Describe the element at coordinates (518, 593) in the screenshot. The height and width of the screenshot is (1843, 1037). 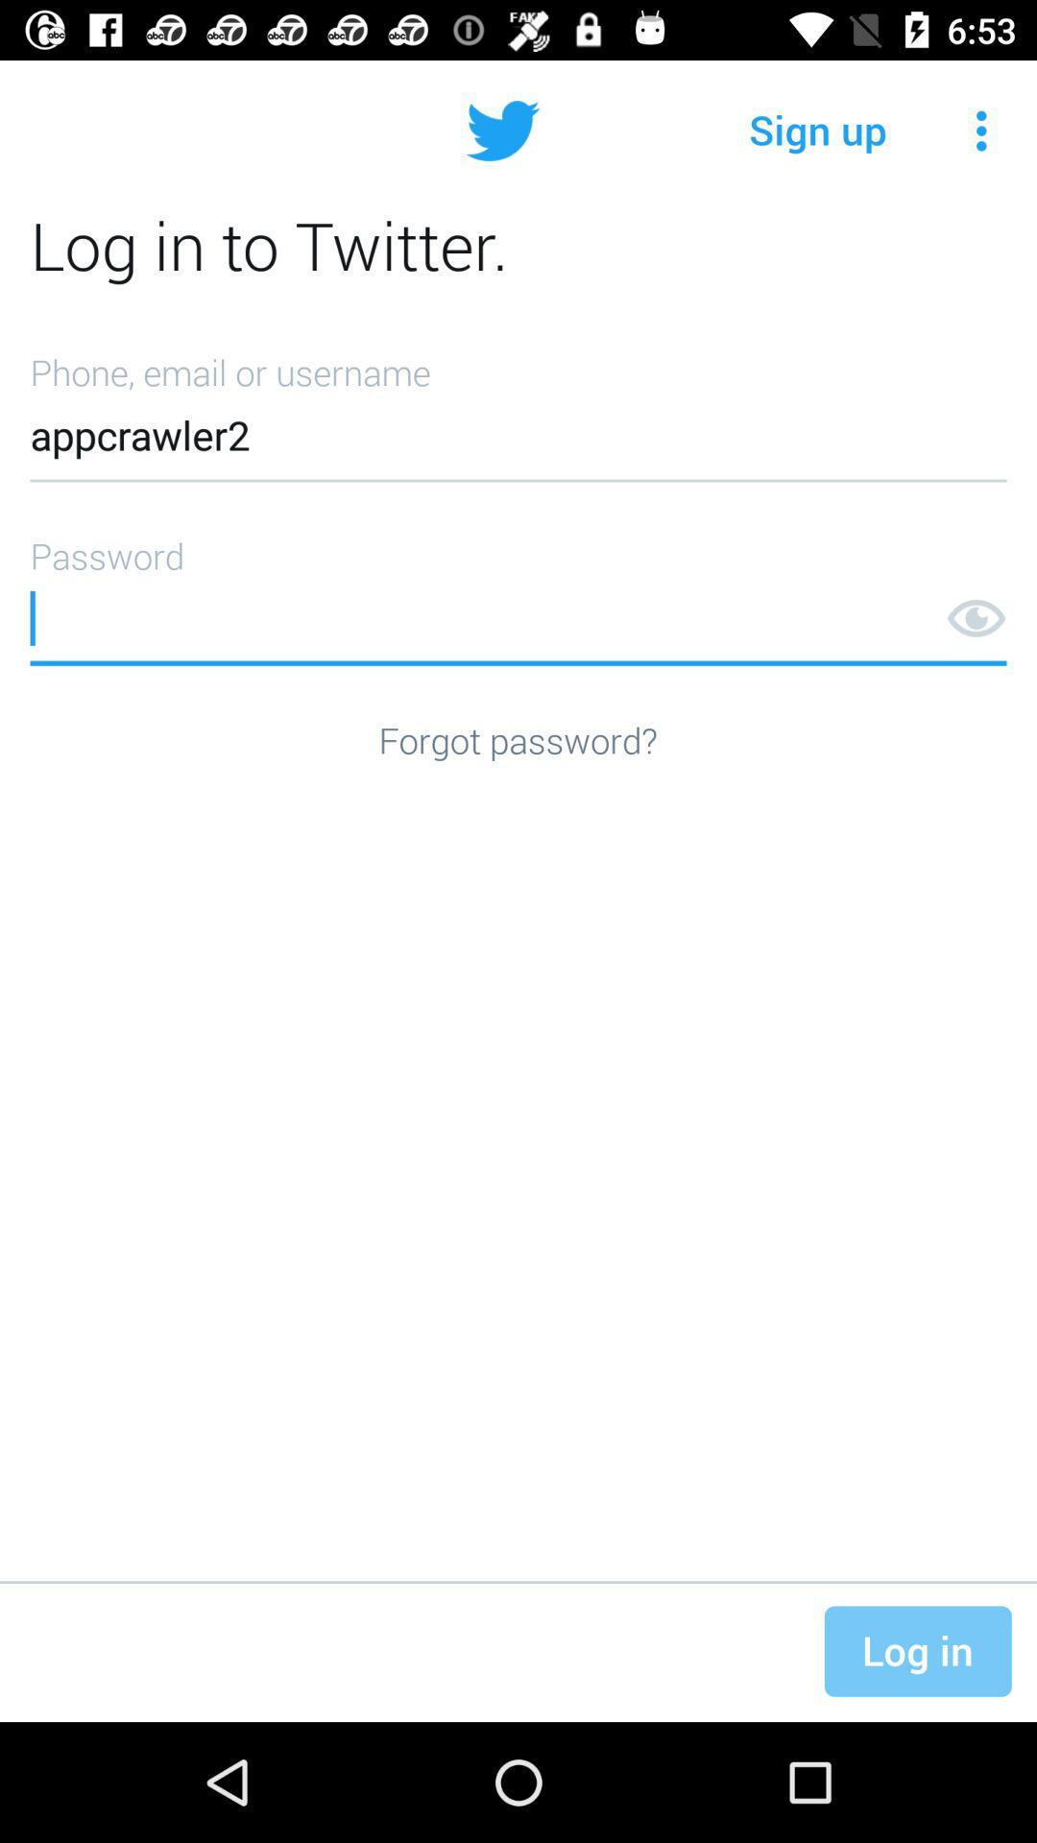
I see `icon below appcrawler2 icon` at that location.